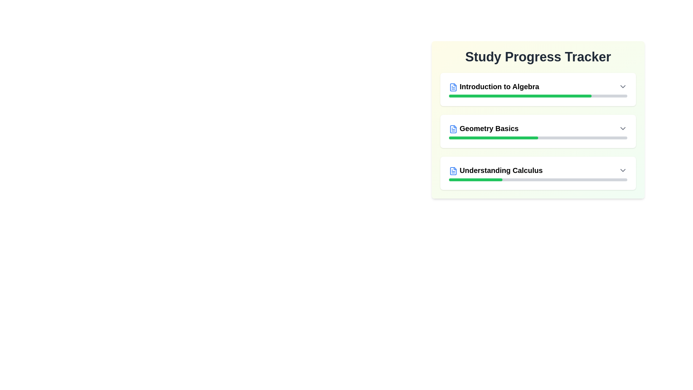 This screenshot has width=693, height=390. I want to click on the bold heading labeled 'Understanding Calculus' in the card layout, so click(538, 173).